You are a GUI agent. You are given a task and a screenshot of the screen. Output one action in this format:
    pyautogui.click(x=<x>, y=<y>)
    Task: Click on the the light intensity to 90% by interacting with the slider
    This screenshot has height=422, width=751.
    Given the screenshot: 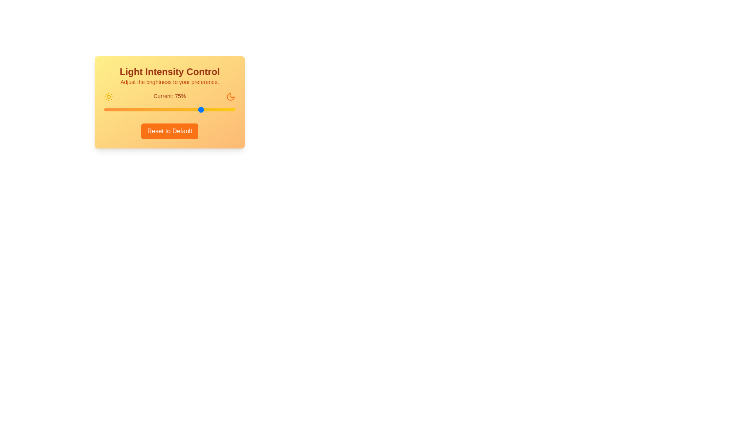 What is the action you would take?
    pyautogui.click(x=222, y=110)
    